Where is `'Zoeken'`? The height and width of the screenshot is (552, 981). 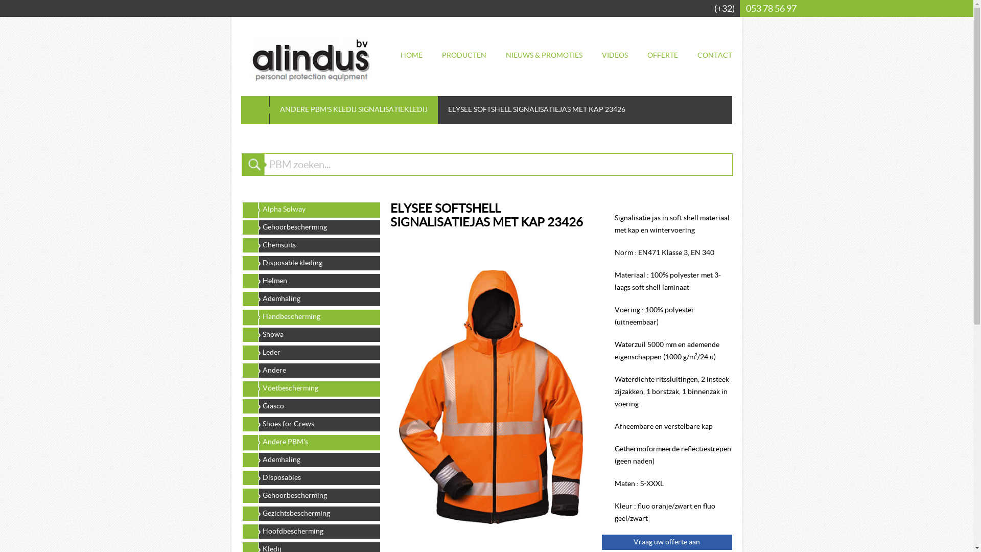 'Zoeken' is located at coordinates (240, 164).